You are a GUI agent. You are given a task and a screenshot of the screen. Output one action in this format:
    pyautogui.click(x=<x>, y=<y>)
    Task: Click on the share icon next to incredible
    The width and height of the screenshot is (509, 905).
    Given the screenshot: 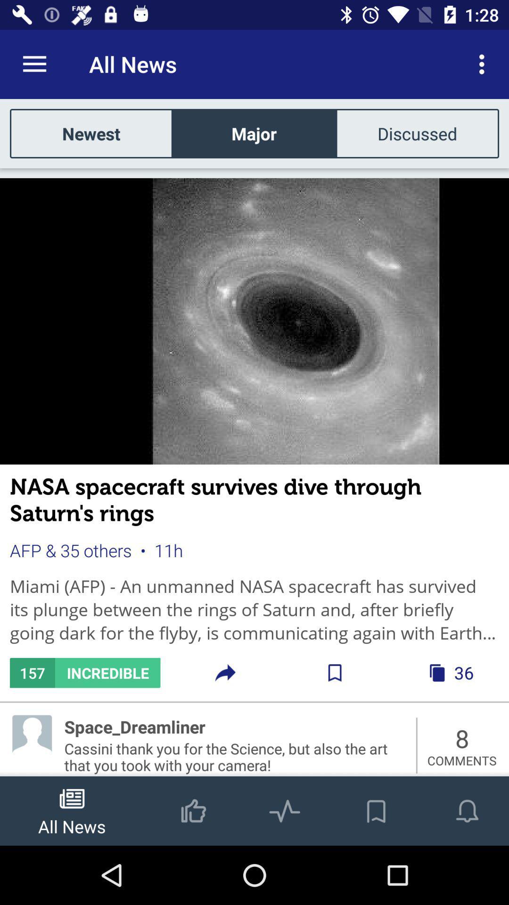 What is the action you would take?
    pyautogui.click(x=225, y=672)
    